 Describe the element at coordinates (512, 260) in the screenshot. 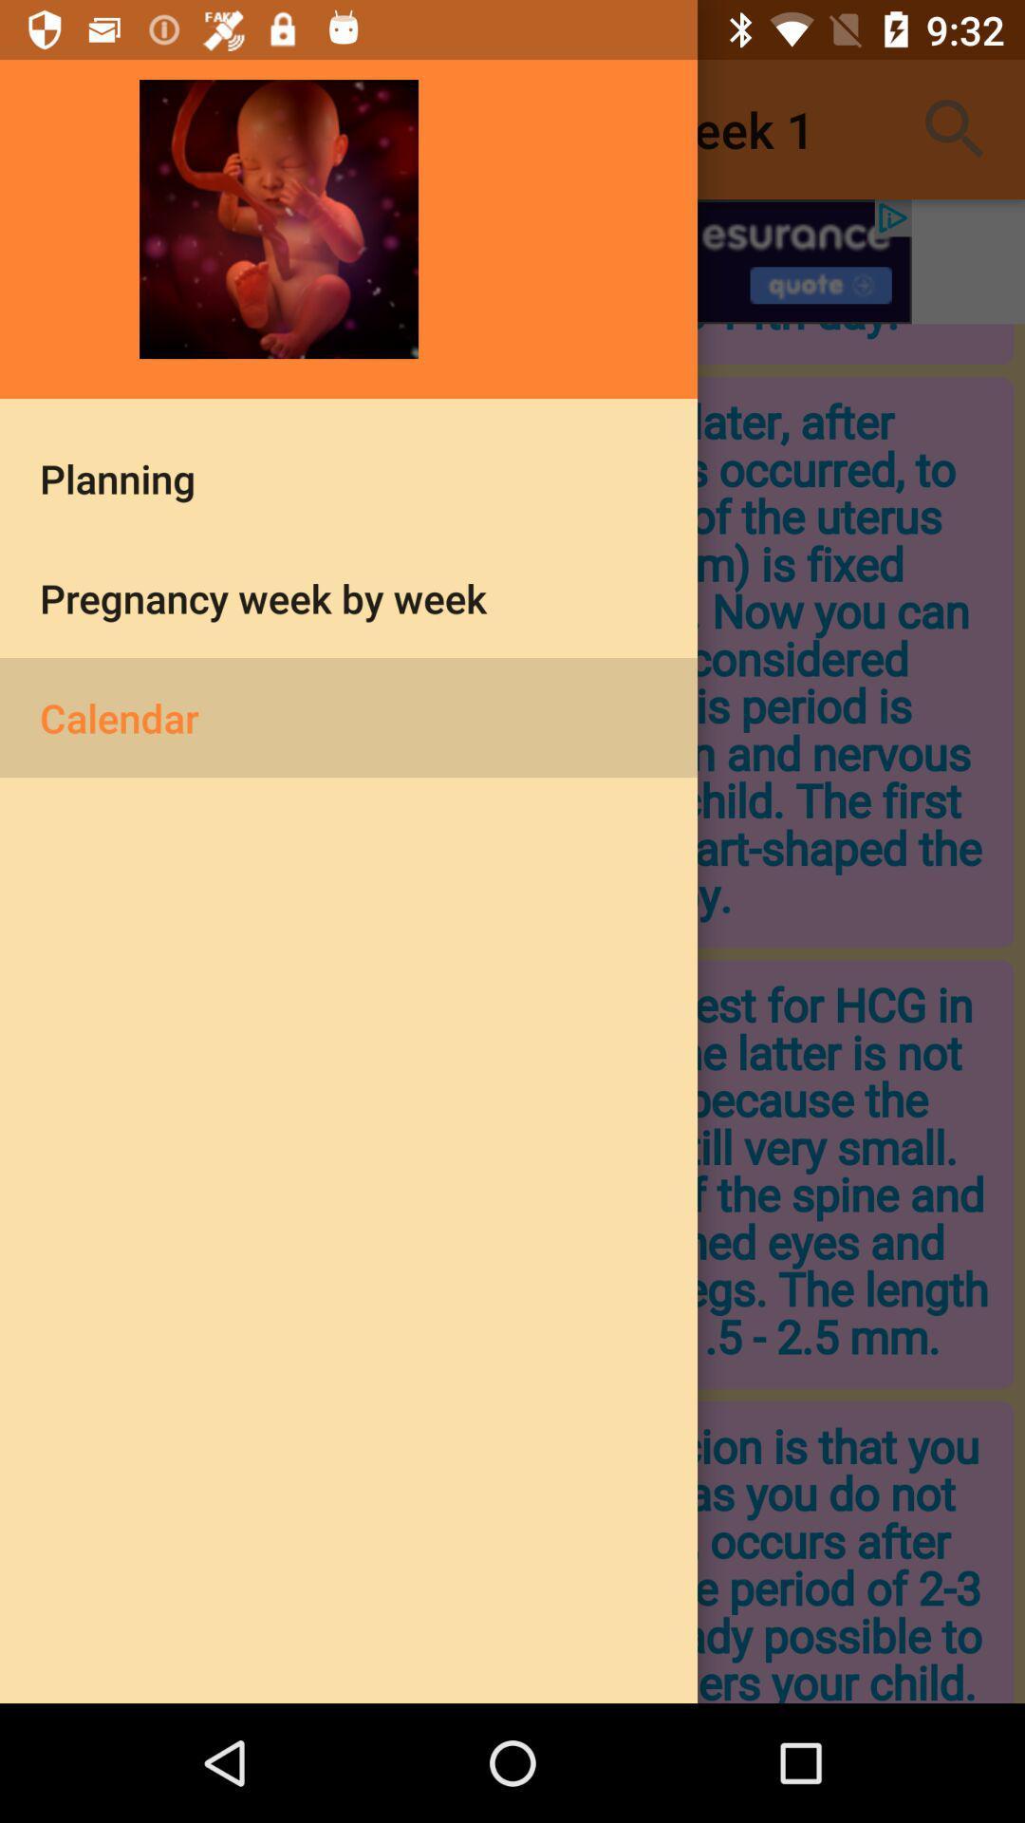

I see `advertiesment link` at that location.